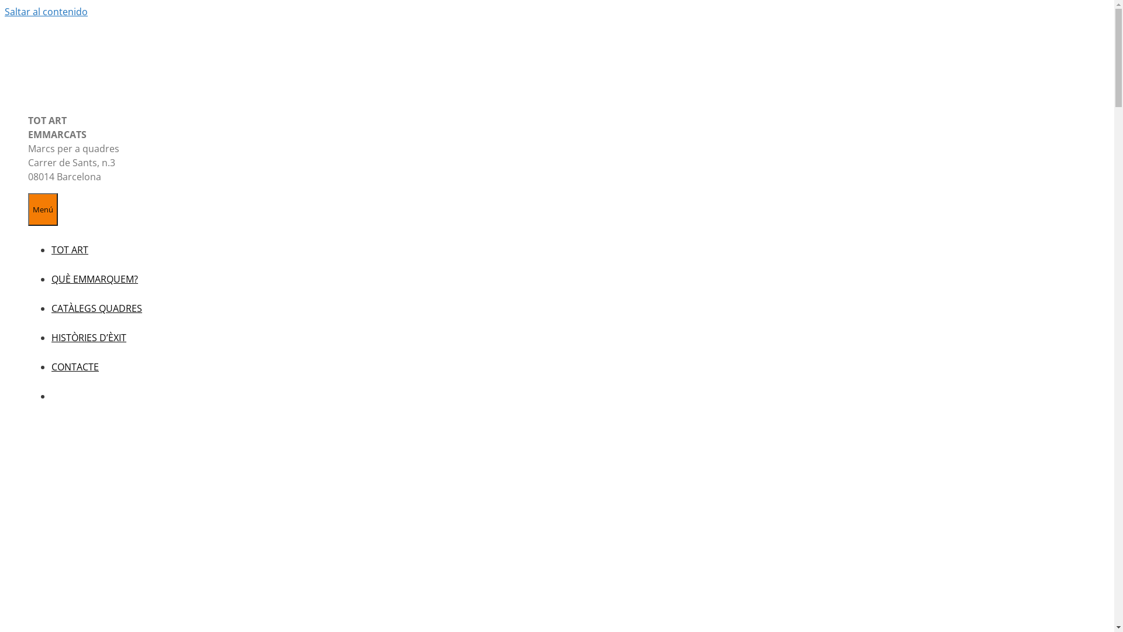 Image resolution: width=1123 pixels, height=632 pixels. Describe the element at coordinates (50, 249) in the screenshot. I see `'TOT ART'` at that location.